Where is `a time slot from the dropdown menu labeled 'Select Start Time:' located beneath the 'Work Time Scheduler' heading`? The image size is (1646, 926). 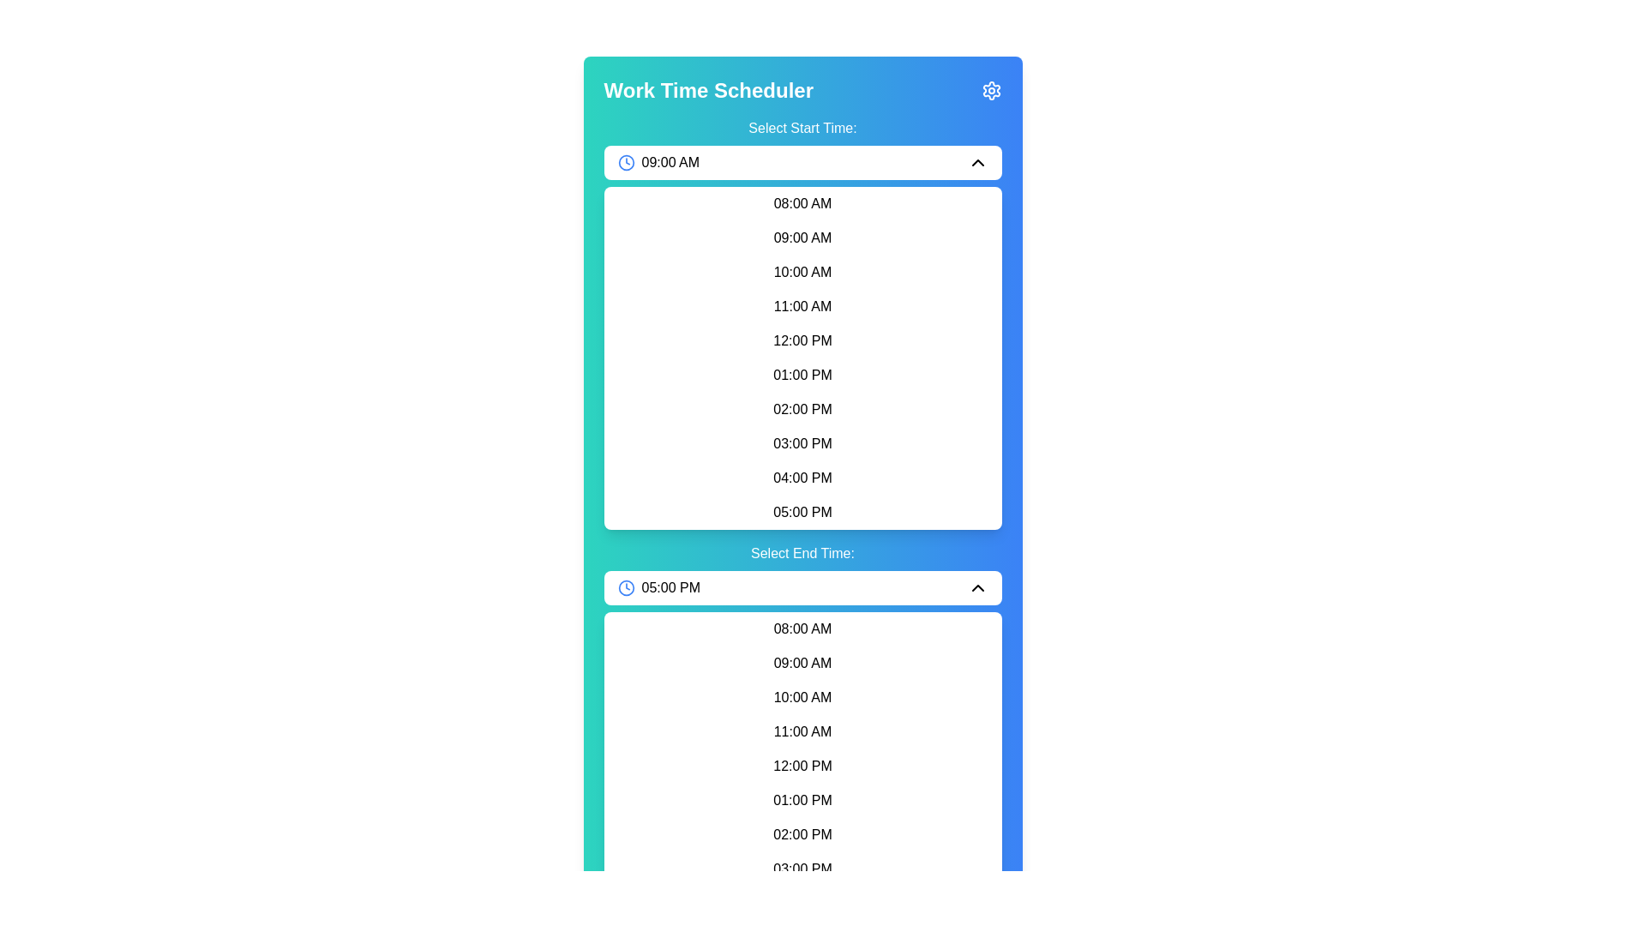
a time slot from the dropdown menu labeled 'Select Start Time:' located beneath the 'Work Time Scheduler' heading is located at coordinates (802, 324).